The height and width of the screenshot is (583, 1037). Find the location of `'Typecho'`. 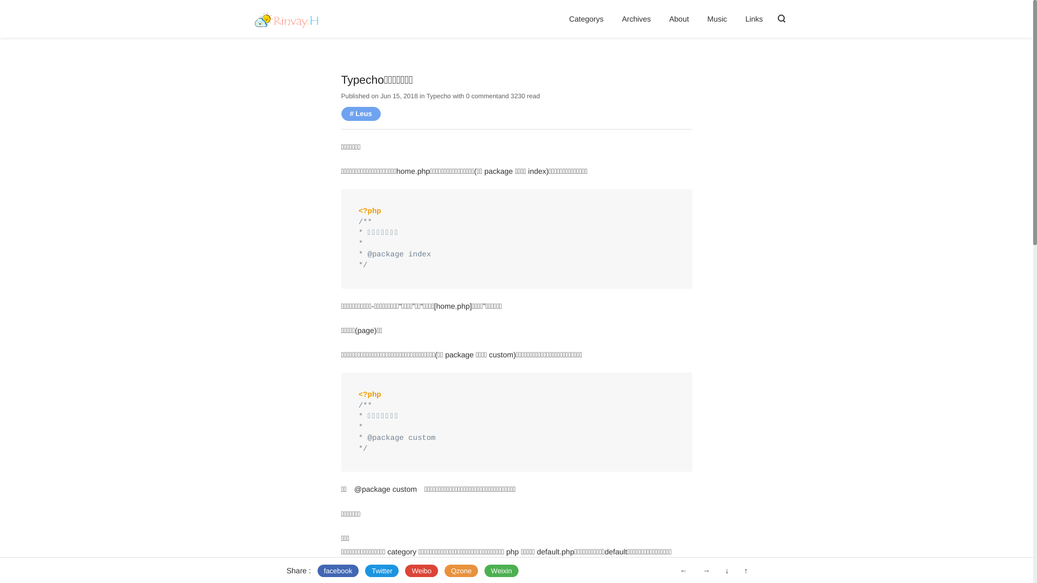

'Typecho' is located at coordinates (438, 95).